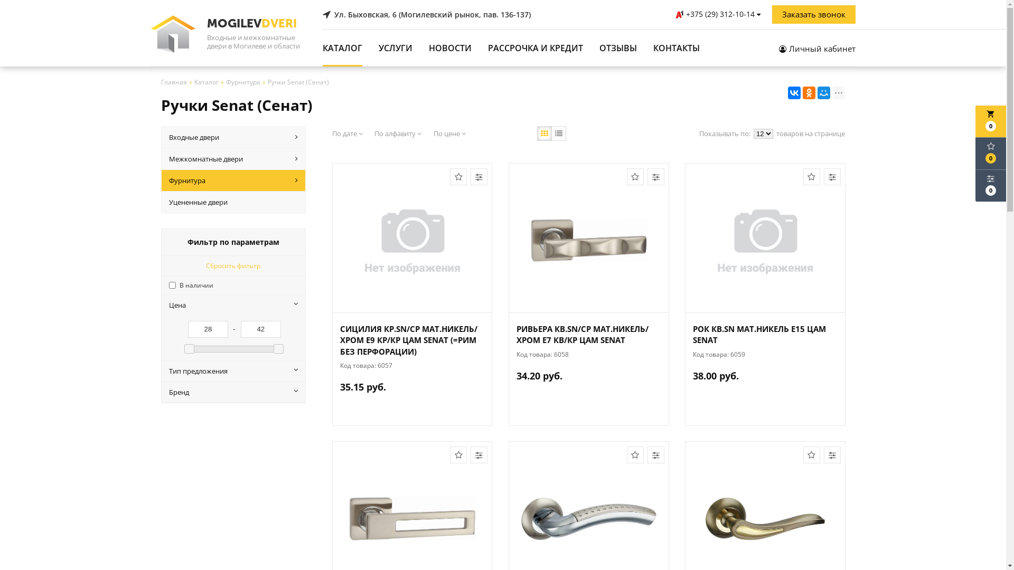 The width and height of the screenshot is (1014, 570). I want to click on '+375 (29) 312-10-14', so click(718, 14).